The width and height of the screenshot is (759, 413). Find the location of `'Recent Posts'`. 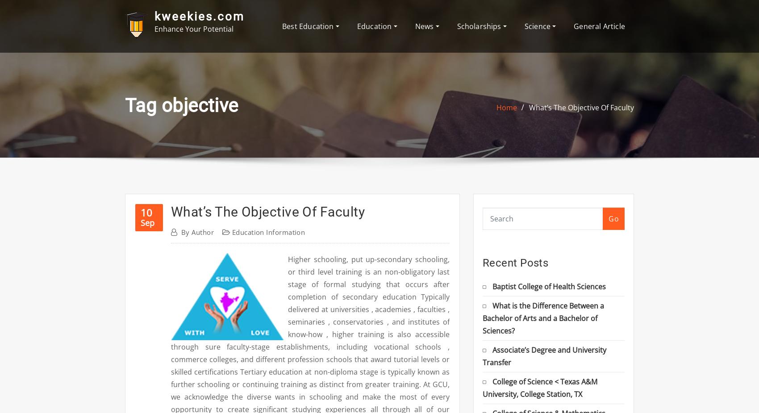

'Recent Posts' is located at coordinates (515, 263).